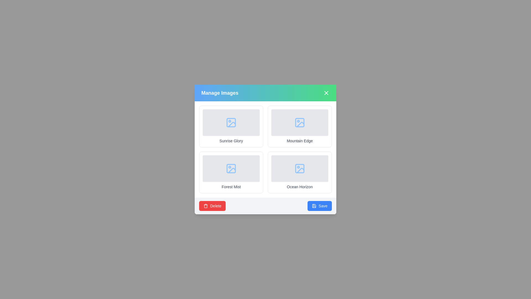  I want to click on the delete icon located to the left of the 'Delete' button text at the bottom left corner of the interface, so click(205, 206).